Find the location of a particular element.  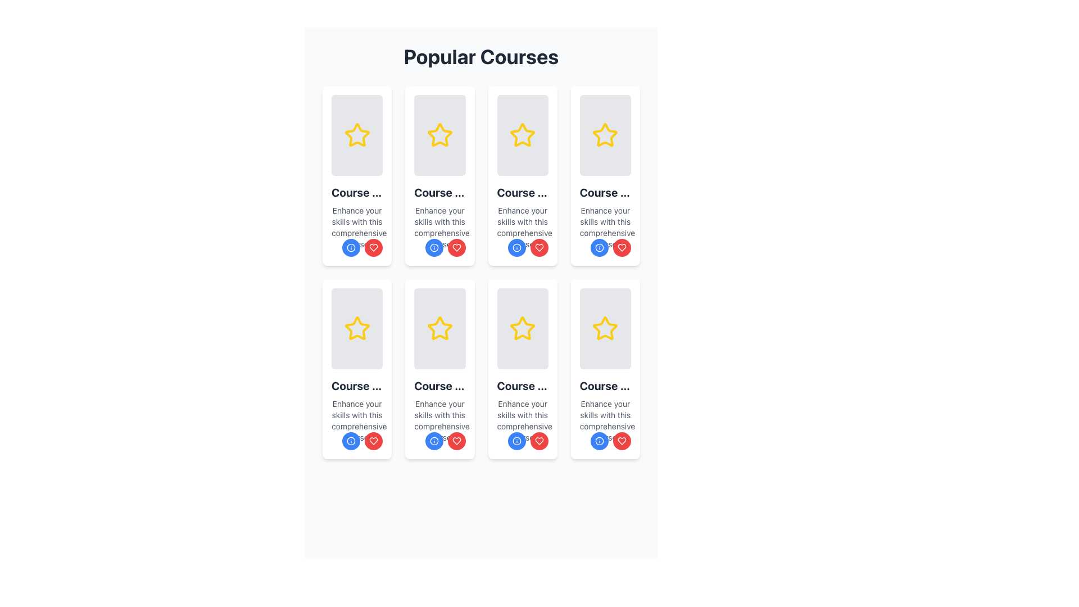

the left circular button at the bottom-right corner of the course card is located at coordinates (433, 441).